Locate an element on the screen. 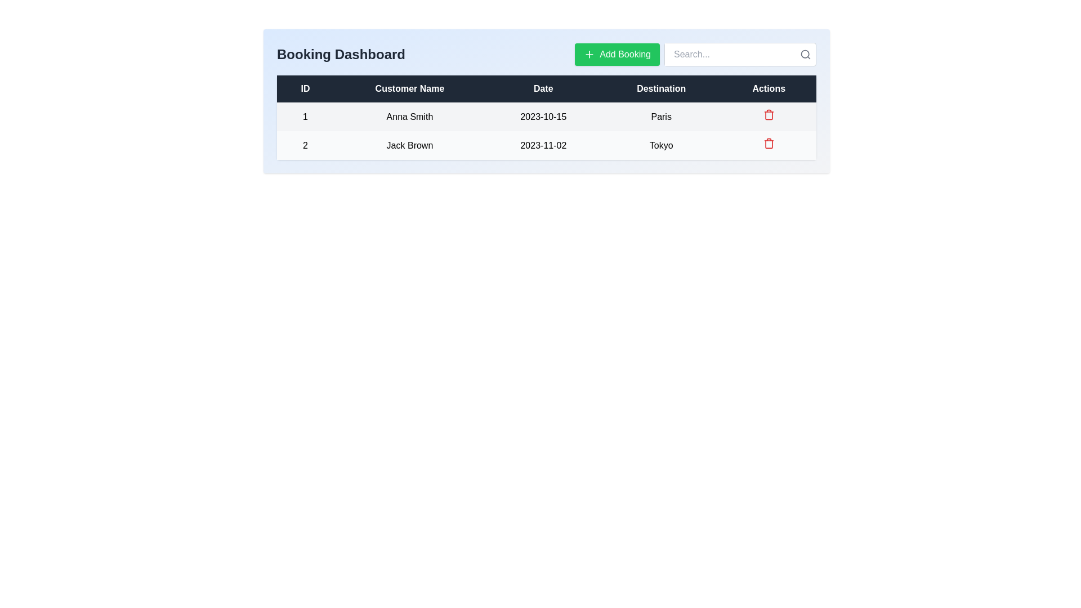  the trash bin icon button in the Actions column is located at coordinates (768, 117).